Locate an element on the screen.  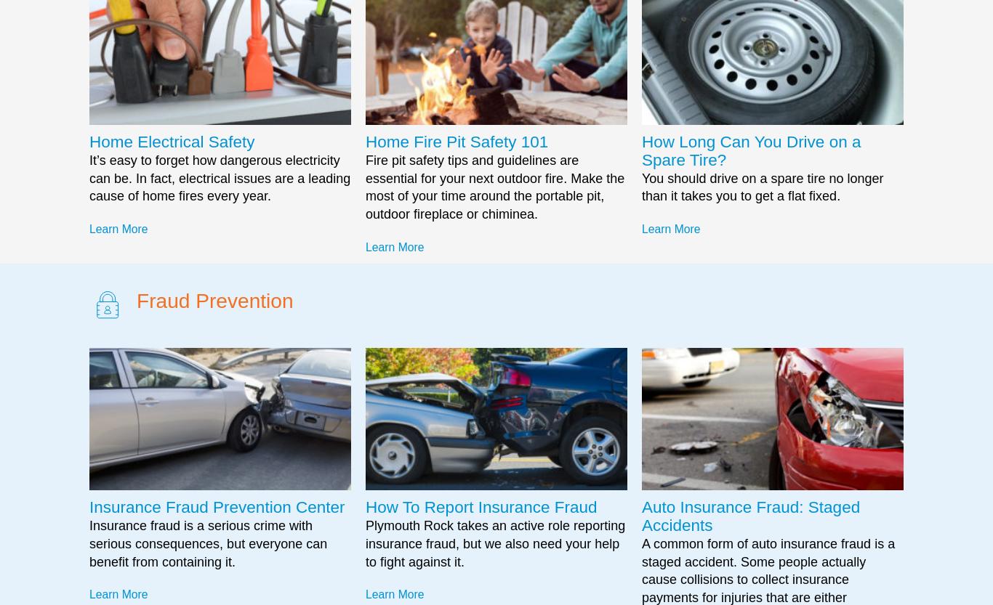
'How To Report Insurance Fraud' is located at coordinates (480, 506).